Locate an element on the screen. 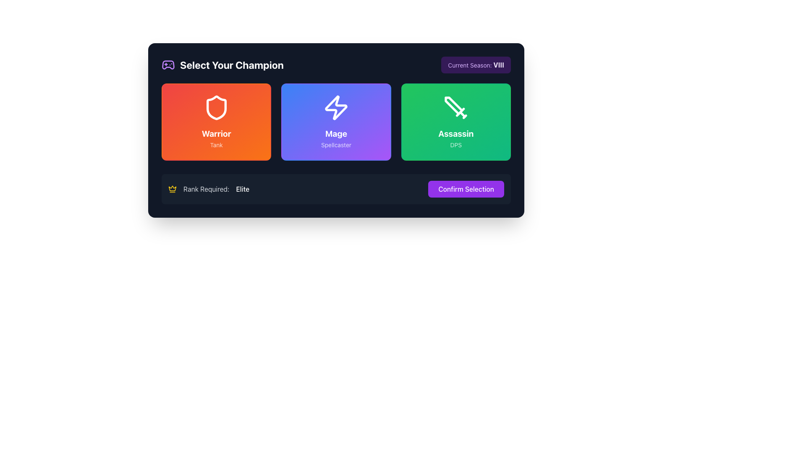  the 'Mage' character role selection card is located at coordinates (336, 122).